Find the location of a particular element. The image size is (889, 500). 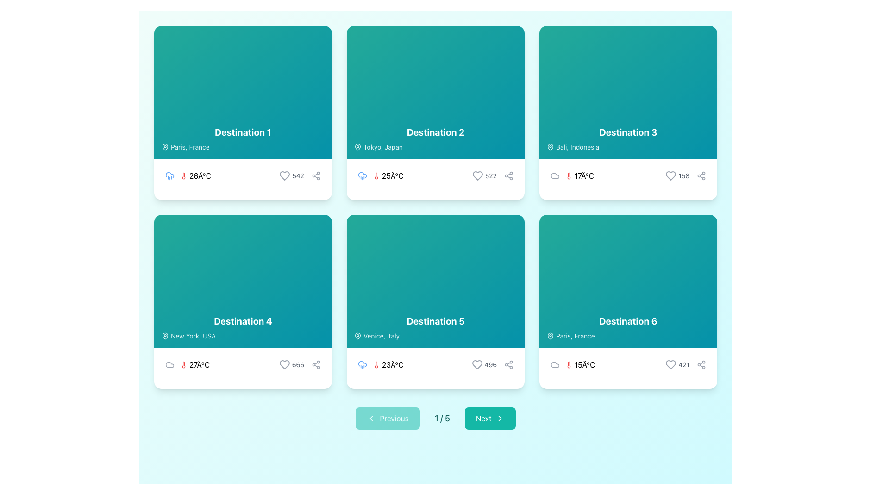

the heart icon located at the bottom-right corner of the 'Destination 1' card is located at coordinates (284, 176).